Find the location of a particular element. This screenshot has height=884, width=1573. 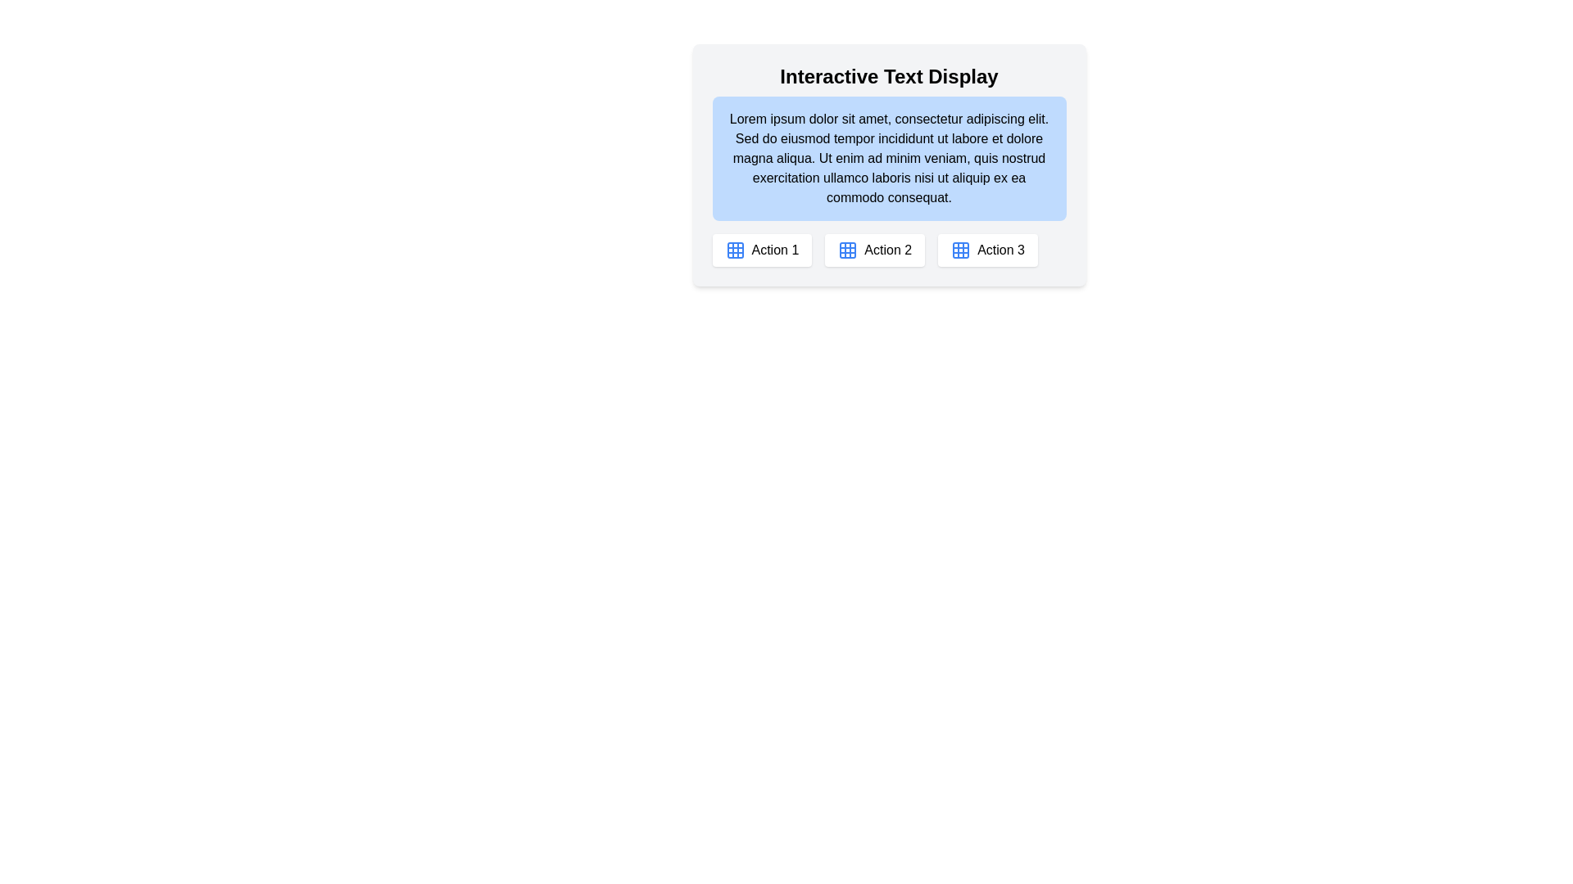

the third button labeled 'Action 3' located in the bottom section of the 'Interactive Text Display' card is located at coordinates (987, 250).